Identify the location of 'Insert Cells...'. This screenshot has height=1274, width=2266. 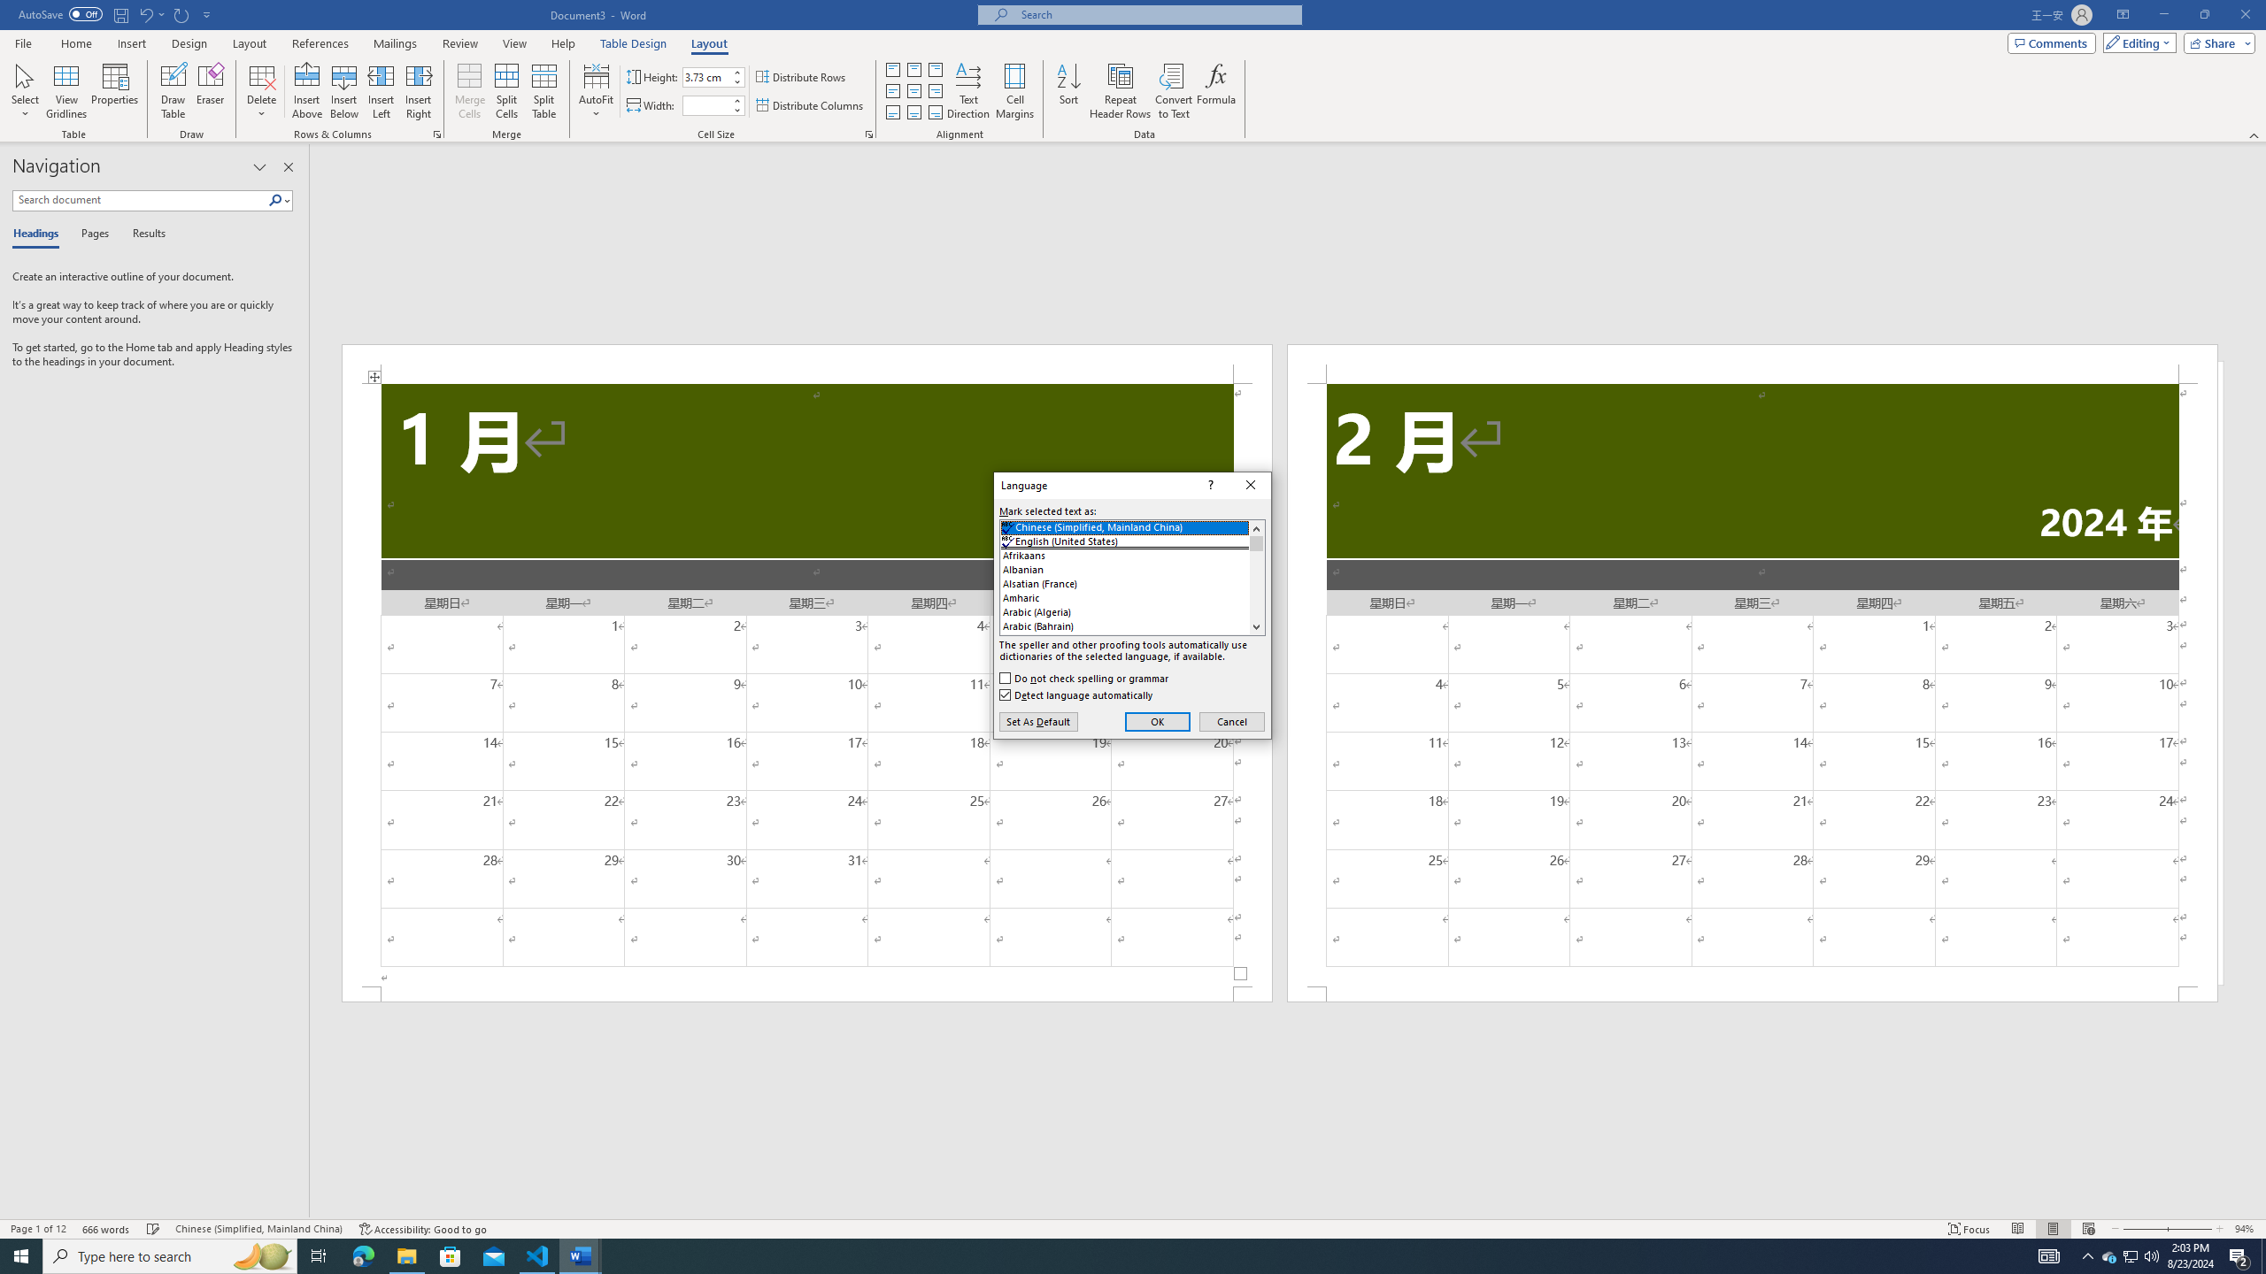
(436, 133).